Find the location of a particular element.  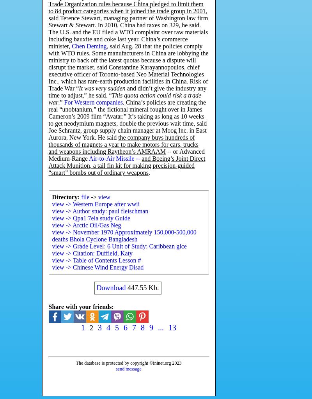

'Directory:' is located at coordinates (65, 197).